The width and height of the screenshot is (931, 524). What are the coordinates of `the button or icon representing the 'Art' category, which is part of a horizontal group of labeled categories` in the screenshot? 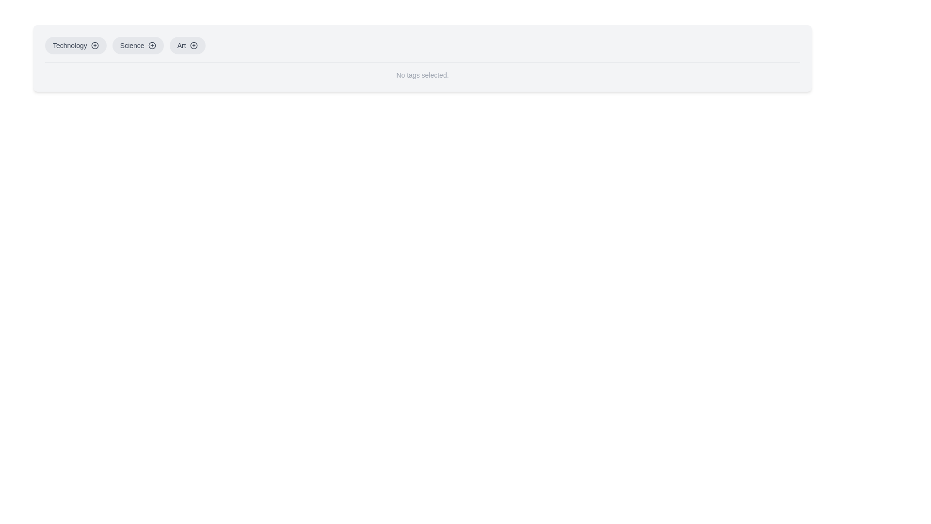 It's located at (193, 45).